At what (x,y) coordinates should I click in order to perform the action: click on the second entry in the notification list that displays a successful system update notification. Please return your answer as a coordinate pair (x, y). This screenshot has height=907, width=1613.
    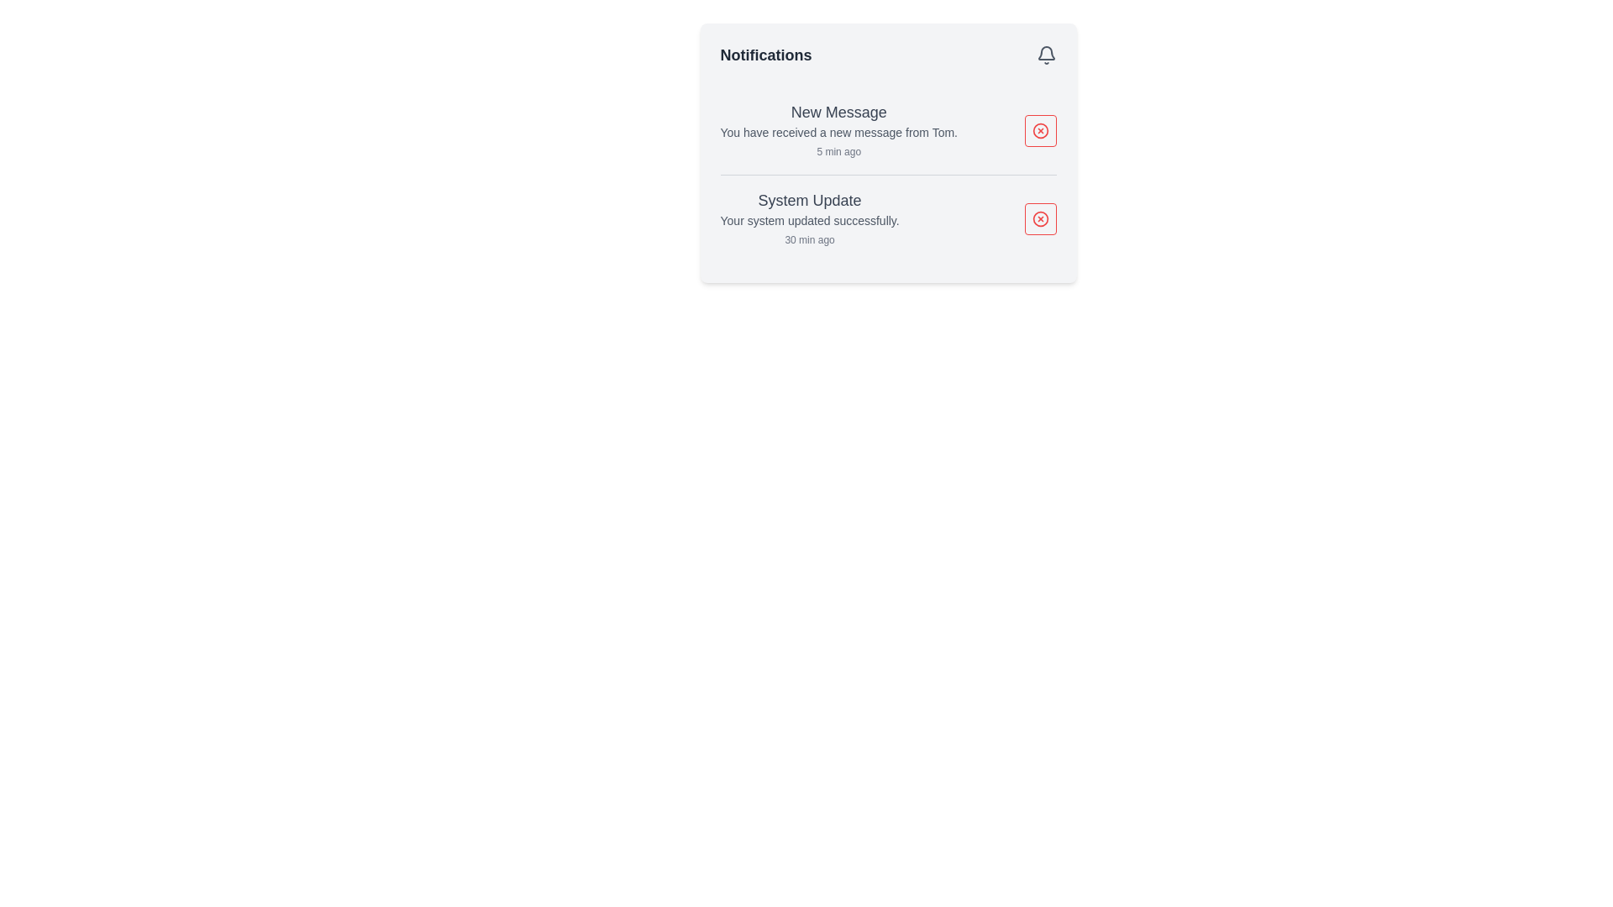
    Looking at the image, I should click on (810, 218).